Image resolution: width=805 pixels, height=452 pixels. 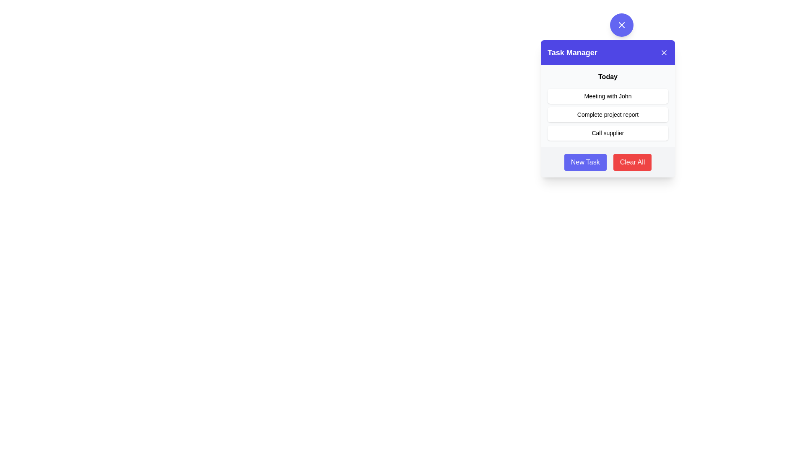 I want to click on the small square blue button with an 'X' icon located at the top-right corner of the header section in the modal dialog titled 'Task Manager', so click(x=664, y=53).